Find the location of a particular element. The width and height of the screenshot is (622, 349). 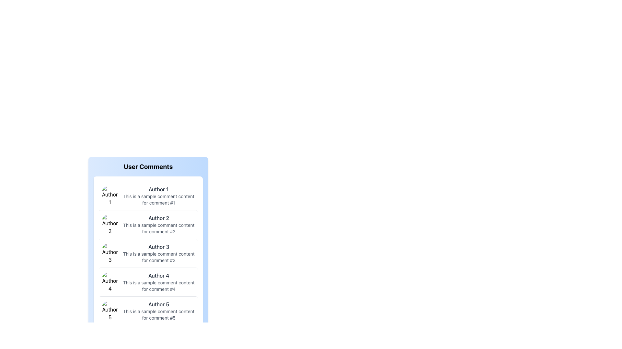

the text label displaying the author name of the fifth comment in the comment section, which is located above its corresponding comment text and aligned with an icon to its left is located at coordinates (159, 304).